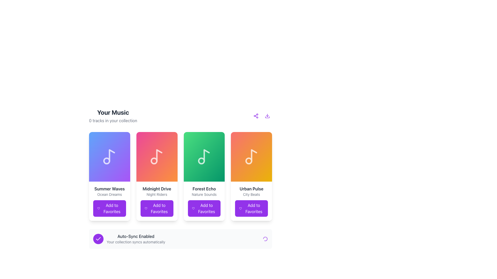 The image size is (497, 279). Describe the element at coordinates (136, 242) in the screenshot. I see `the informational Text Label that indicates the automatic sync status, located below the 'Auto-Sync Enabled' heading in the bottom section of the interface` at that location.